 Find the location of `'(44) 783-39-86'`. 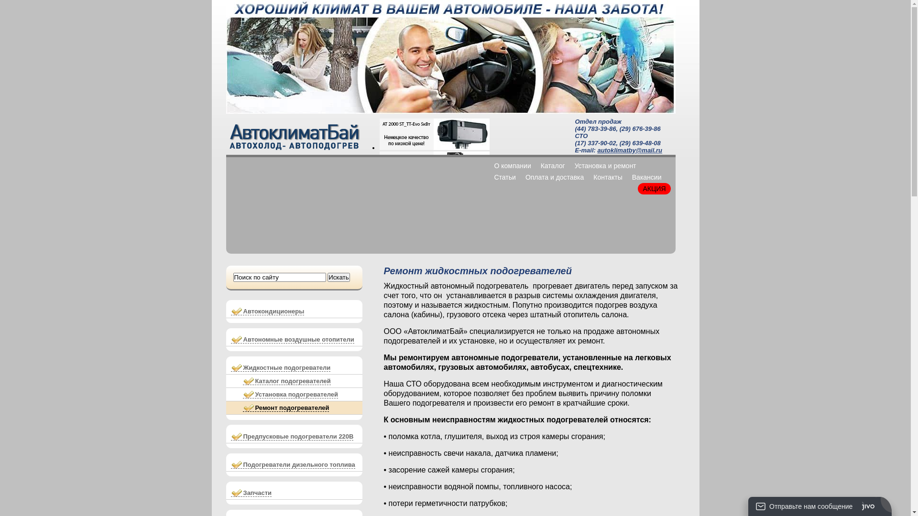

'(44) 783-39-86' is located at coordinates (594, 128).